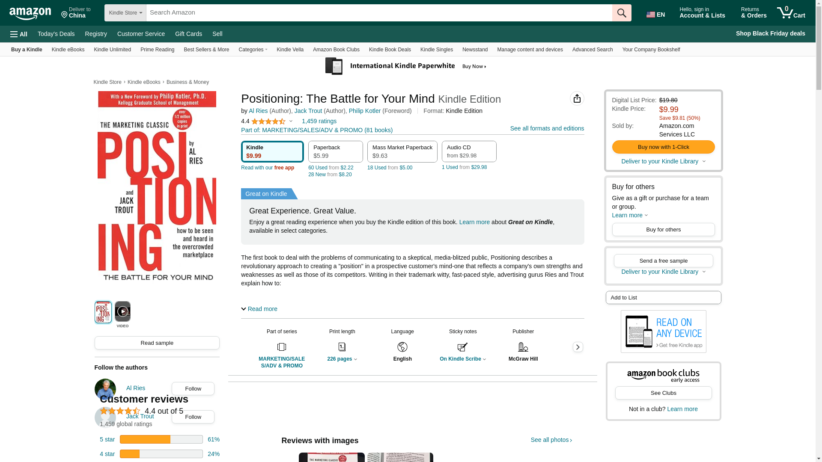  I want to click on 'Prime Reading', so click(157, 49).